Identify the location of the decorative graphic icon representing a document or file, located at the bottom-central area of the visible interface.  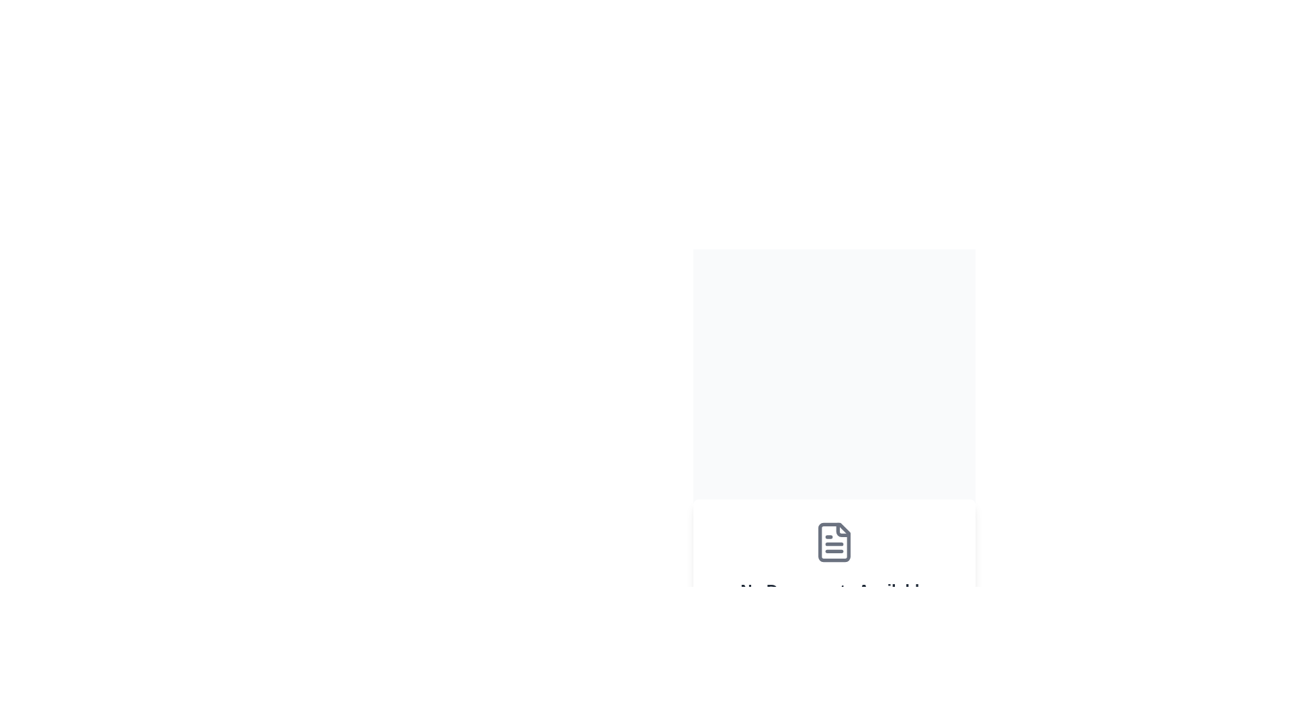
(834, 541).